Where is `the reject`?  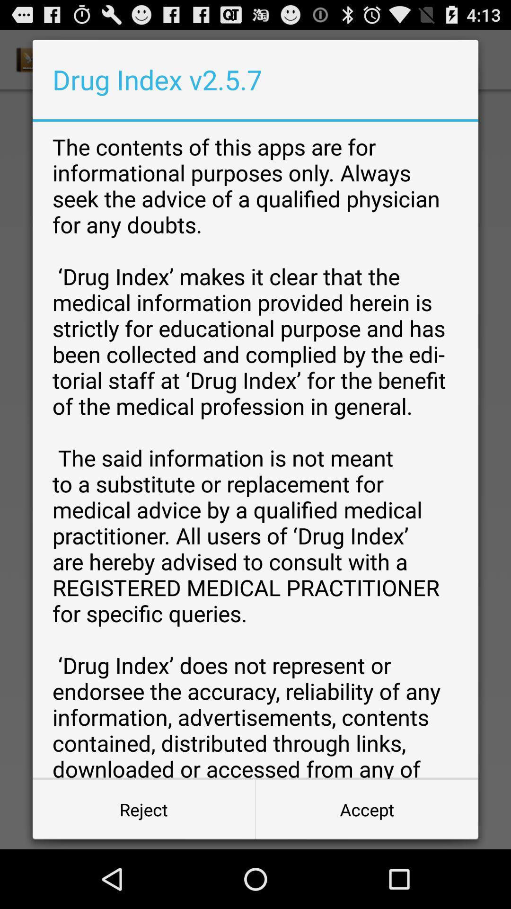
the reject is located at coordinates (144, 809).